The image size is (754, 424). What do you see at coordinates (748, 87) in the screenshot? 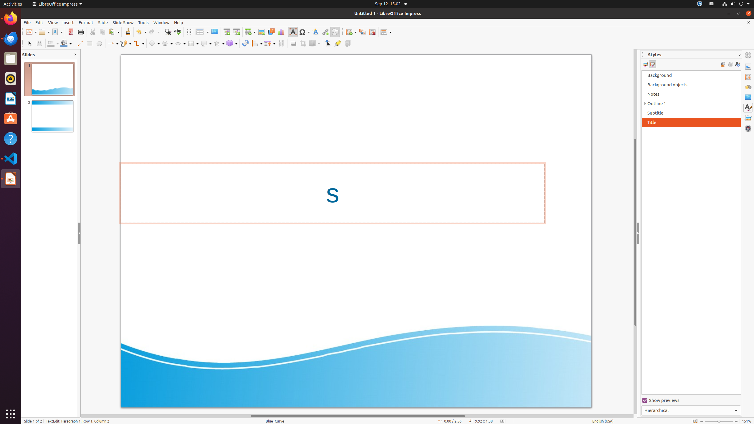
I see `'Animation'` at bounding box center [748, 87].